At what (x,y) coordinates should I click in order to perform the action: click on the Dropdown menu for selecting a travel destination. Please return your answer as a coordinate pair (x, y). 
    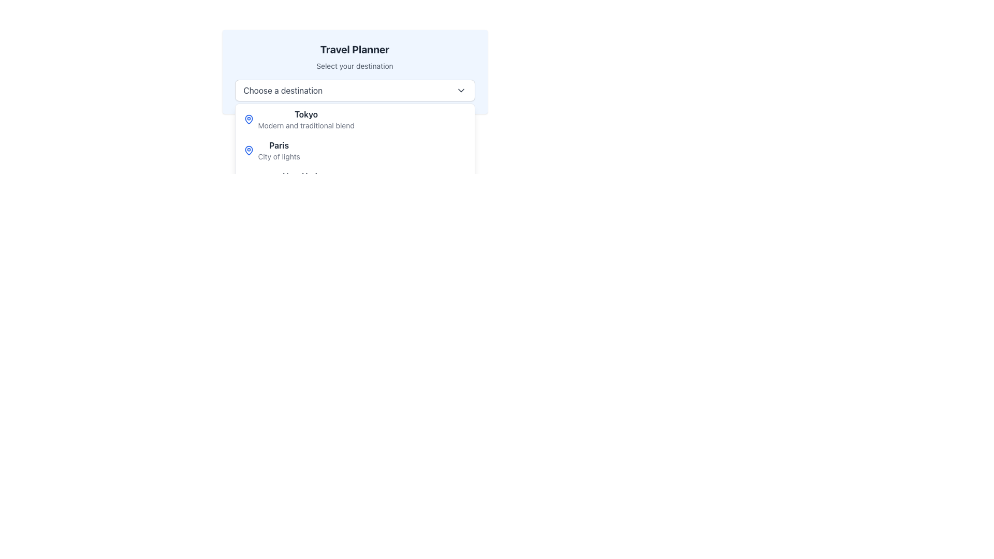
    Looking at the image, I should click on (355, 90).